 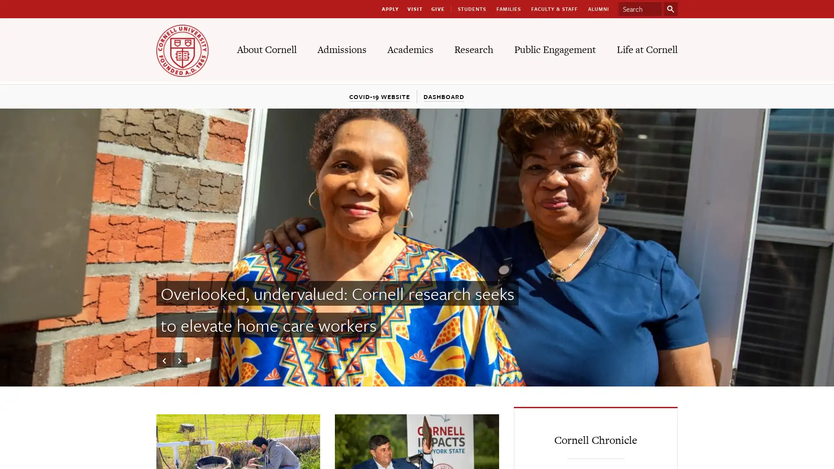 What do you see at coordinates (670, 9) in the screenshot?
I see `Search` at bounding box center [670, 9].